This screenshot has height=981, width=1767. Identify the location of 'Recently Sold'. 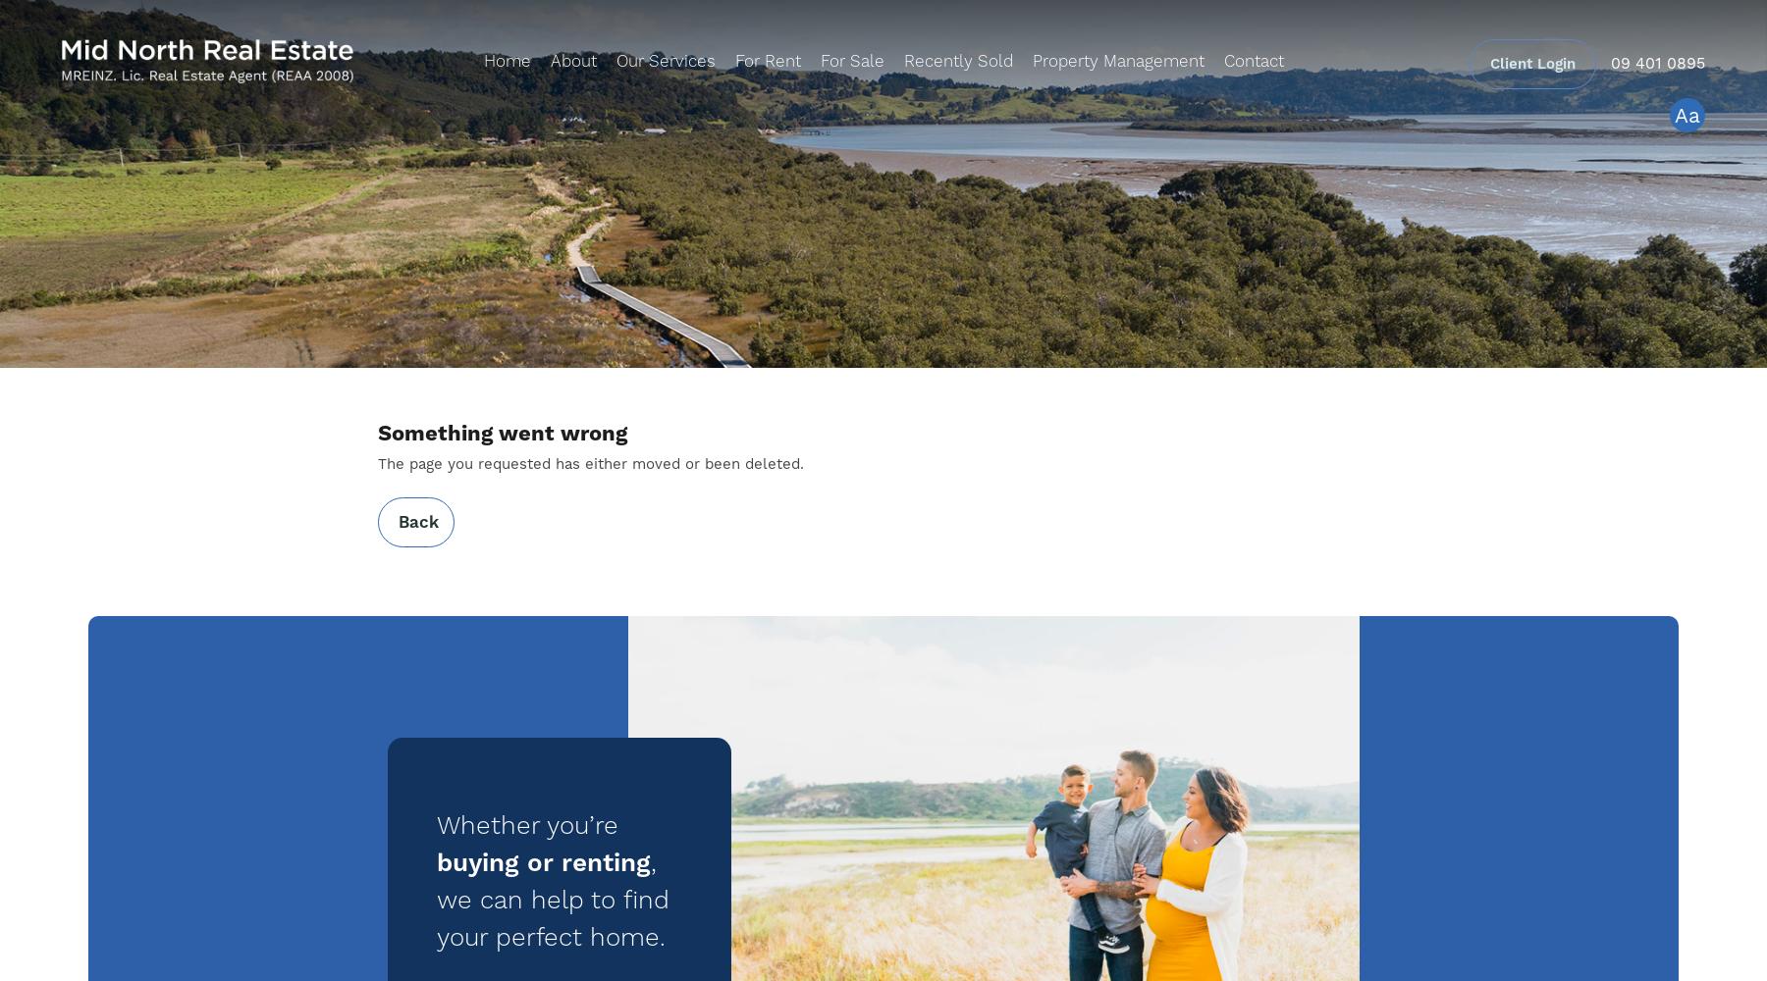
(956, 61).